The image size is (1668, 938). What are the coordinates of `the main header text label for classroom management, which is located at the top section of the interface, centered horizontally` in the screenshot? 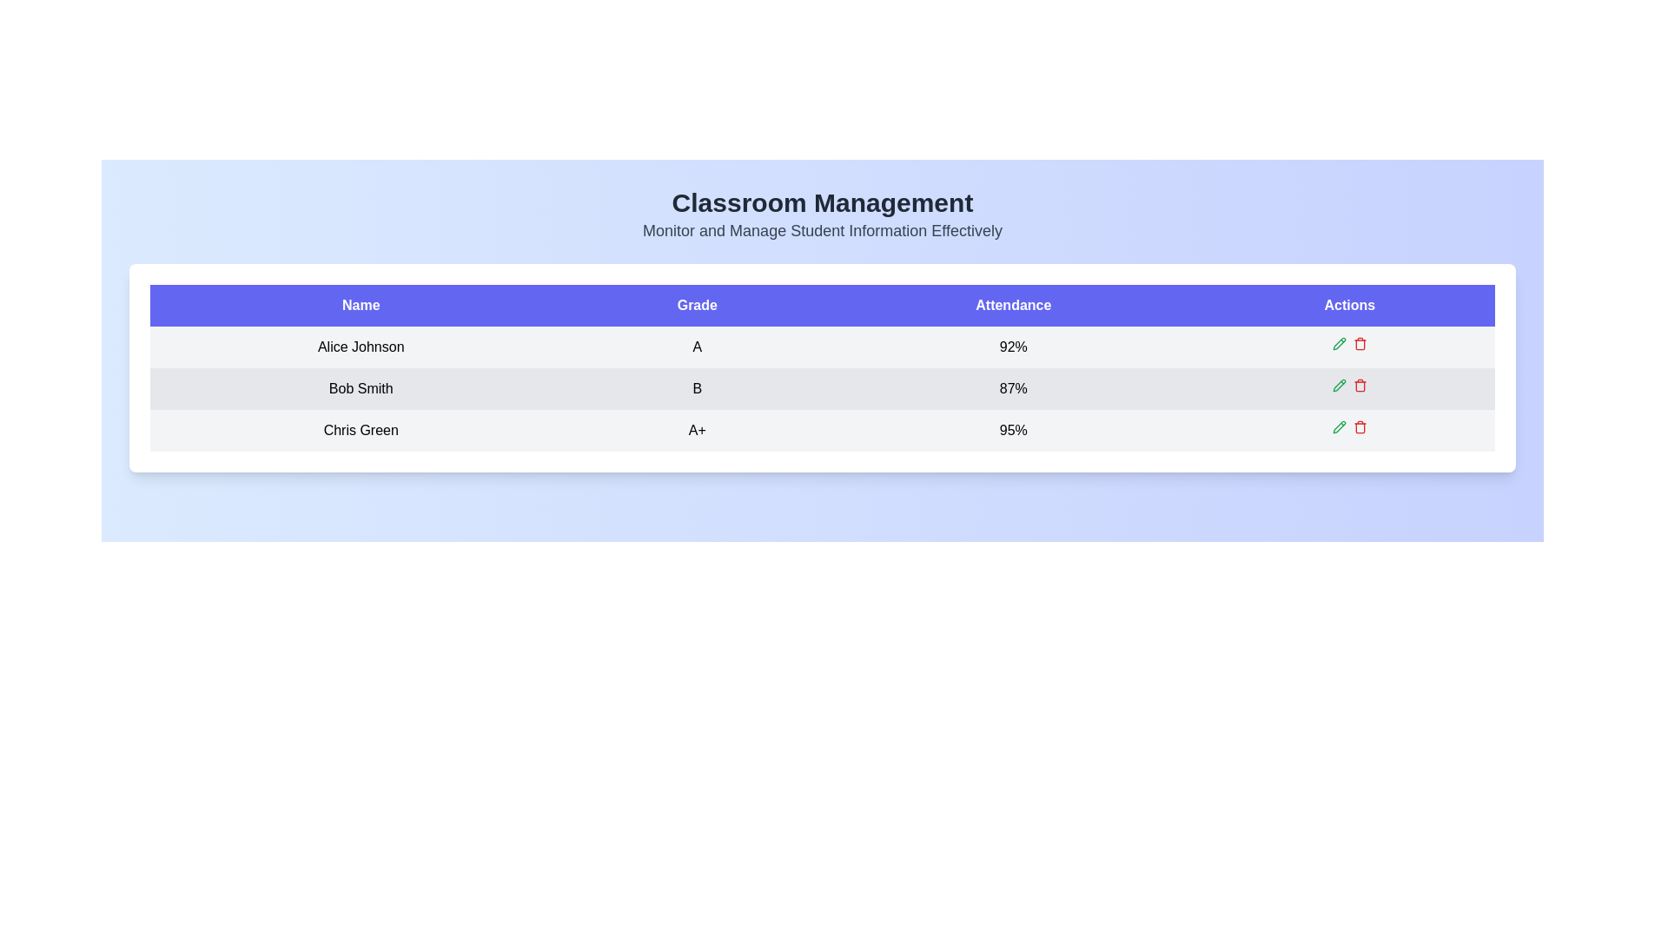 It's located at (821, 202).